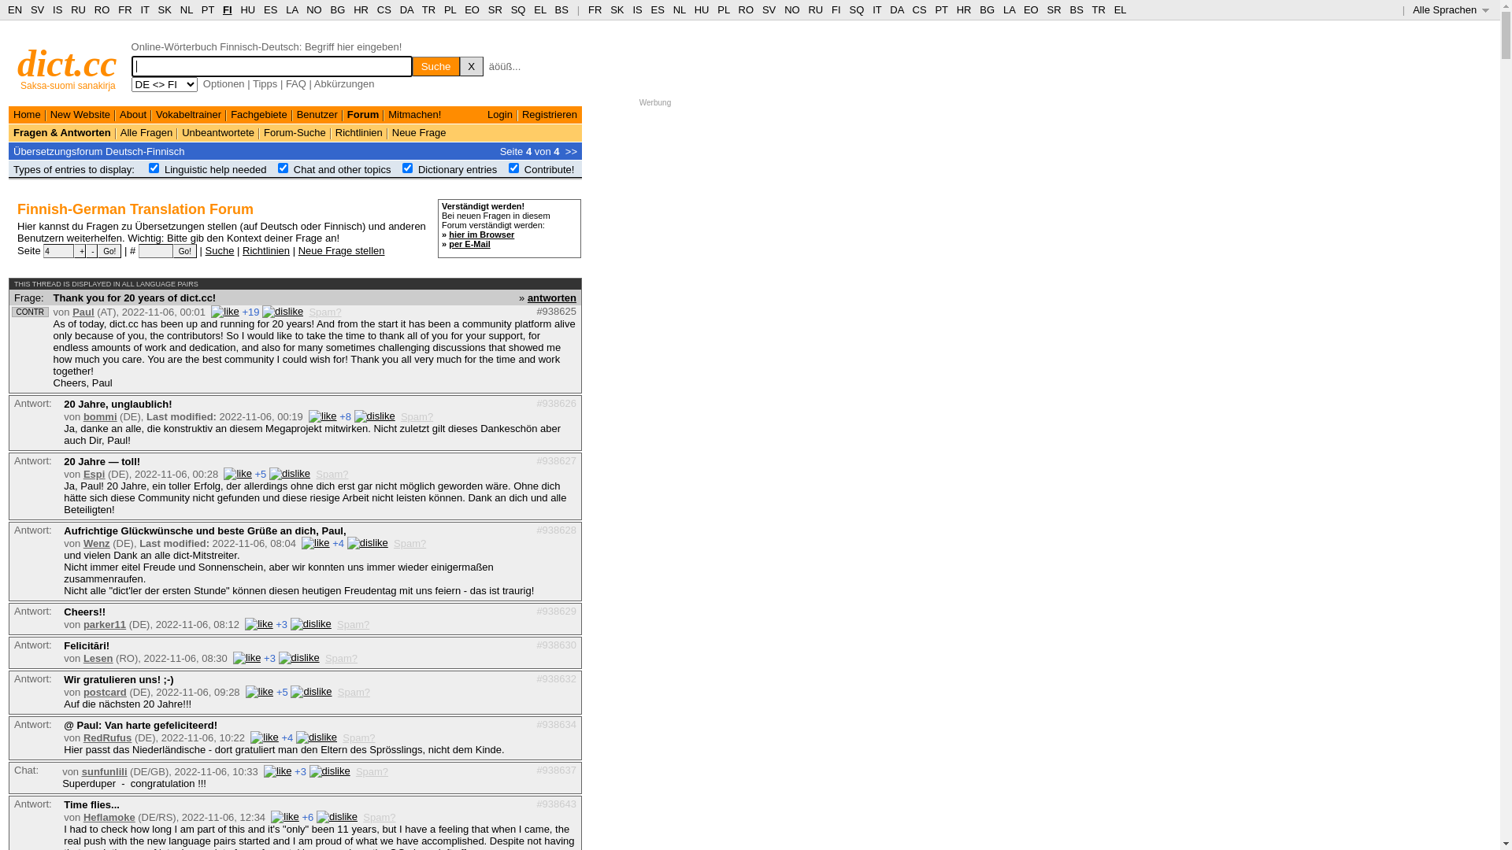 This screenshot has width=1512, height=850. What do you see at coordinates (82, 737) in the screenshot?
I see `'RedRufus'` at bounding box center [82, 737].